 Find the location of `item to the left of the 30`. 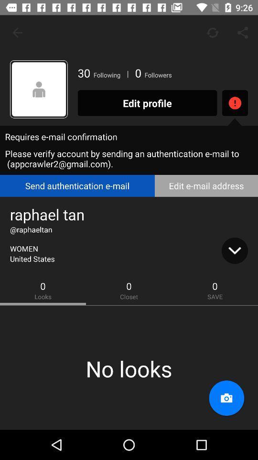

item to the left of the 30 is located at coordinates (38, 89).